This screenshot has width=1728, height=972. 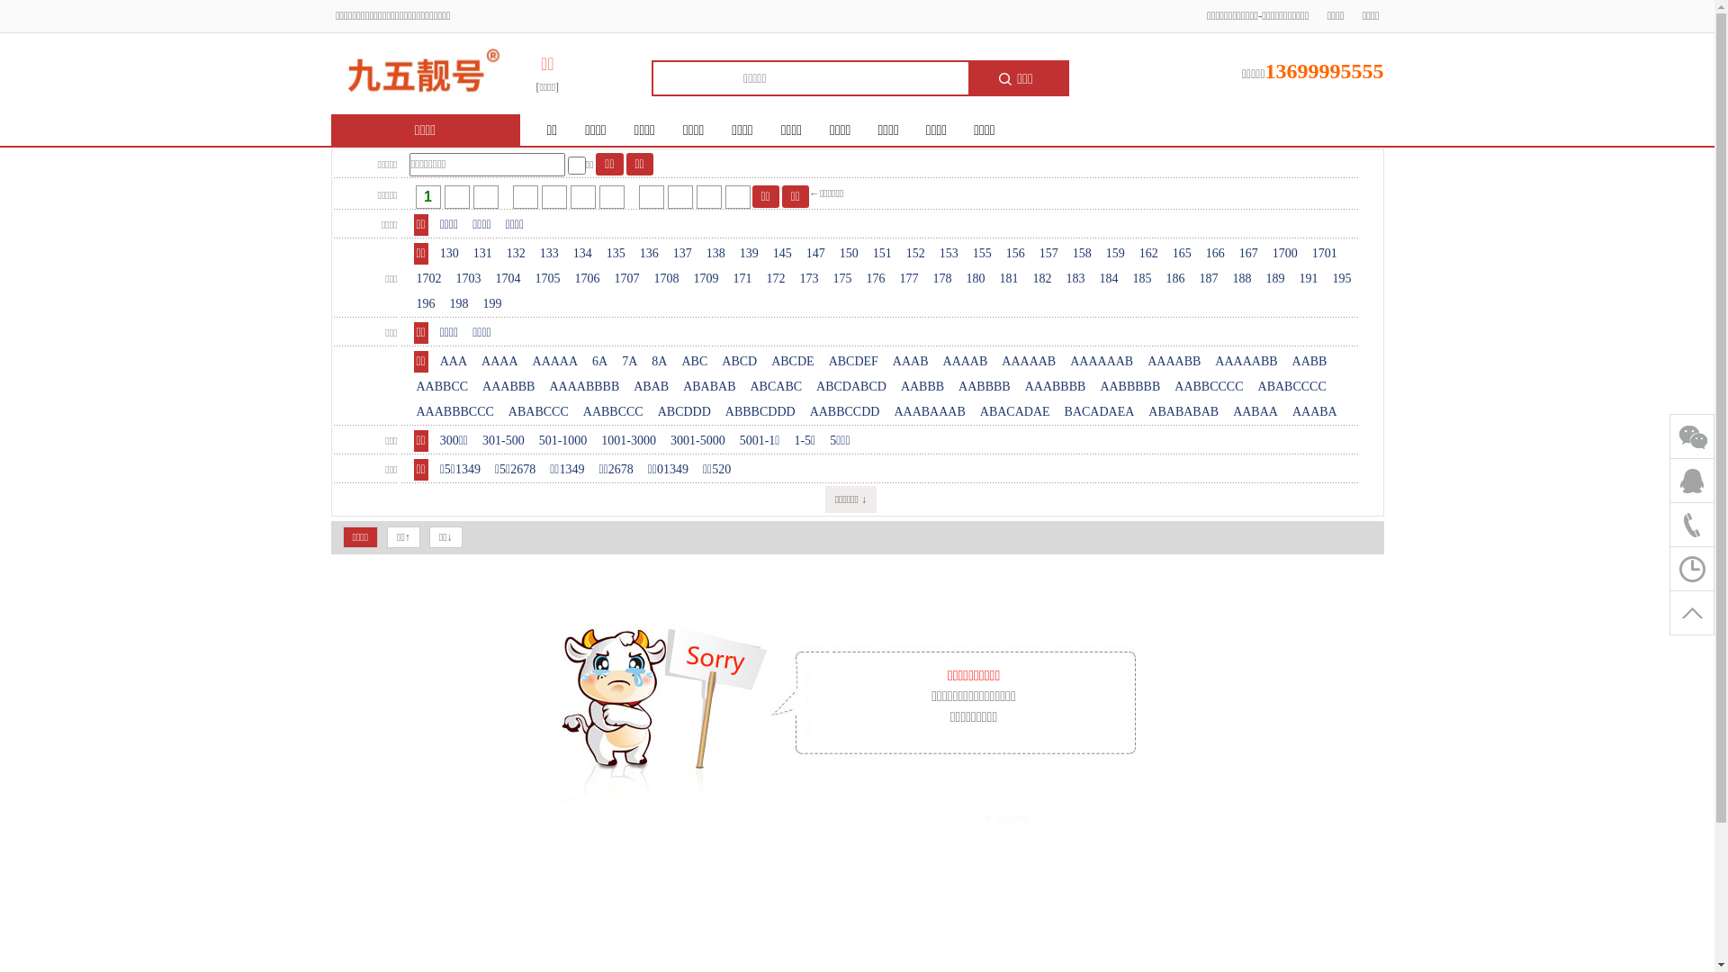 I want to click on 'AAAAAAB', so click(x=1101, y=361).